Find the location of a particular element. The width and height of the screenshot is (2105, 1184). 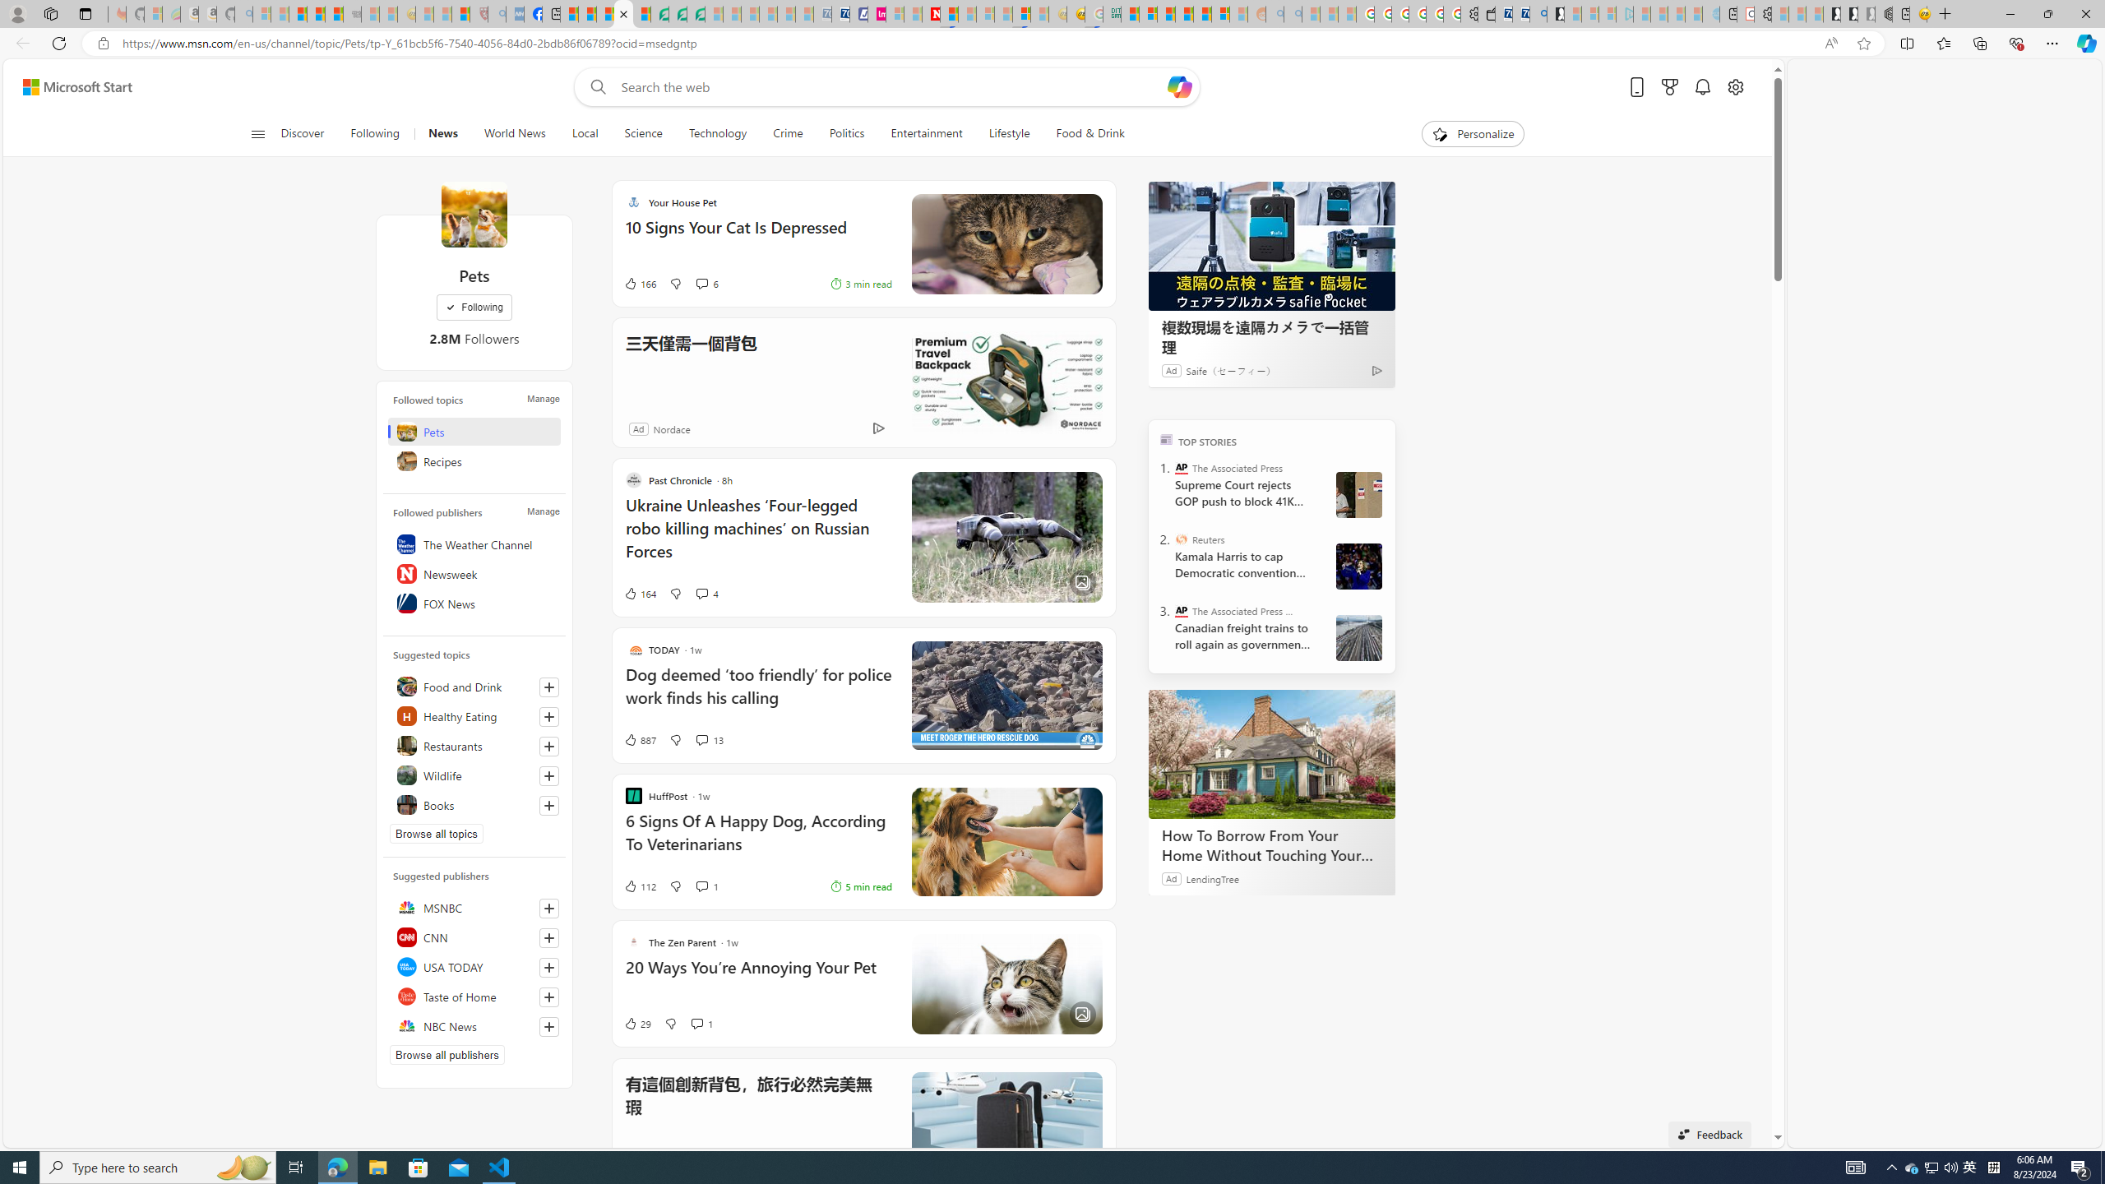

'164 Like' is located at coordinates (640, 593).